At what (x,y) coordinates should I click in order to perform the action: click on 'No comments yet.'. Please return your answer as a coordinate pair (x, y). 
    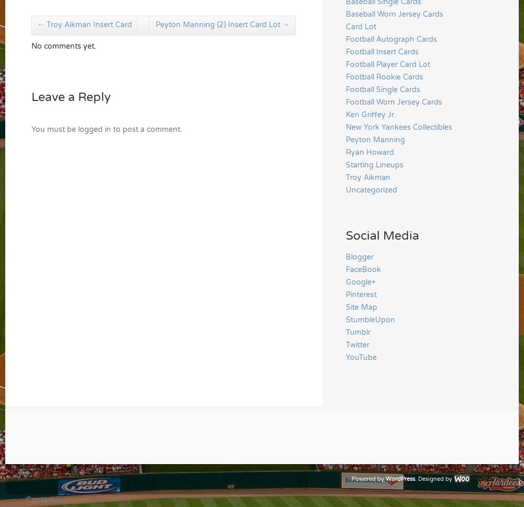
    Looking at the image, I should click on (63, 46).